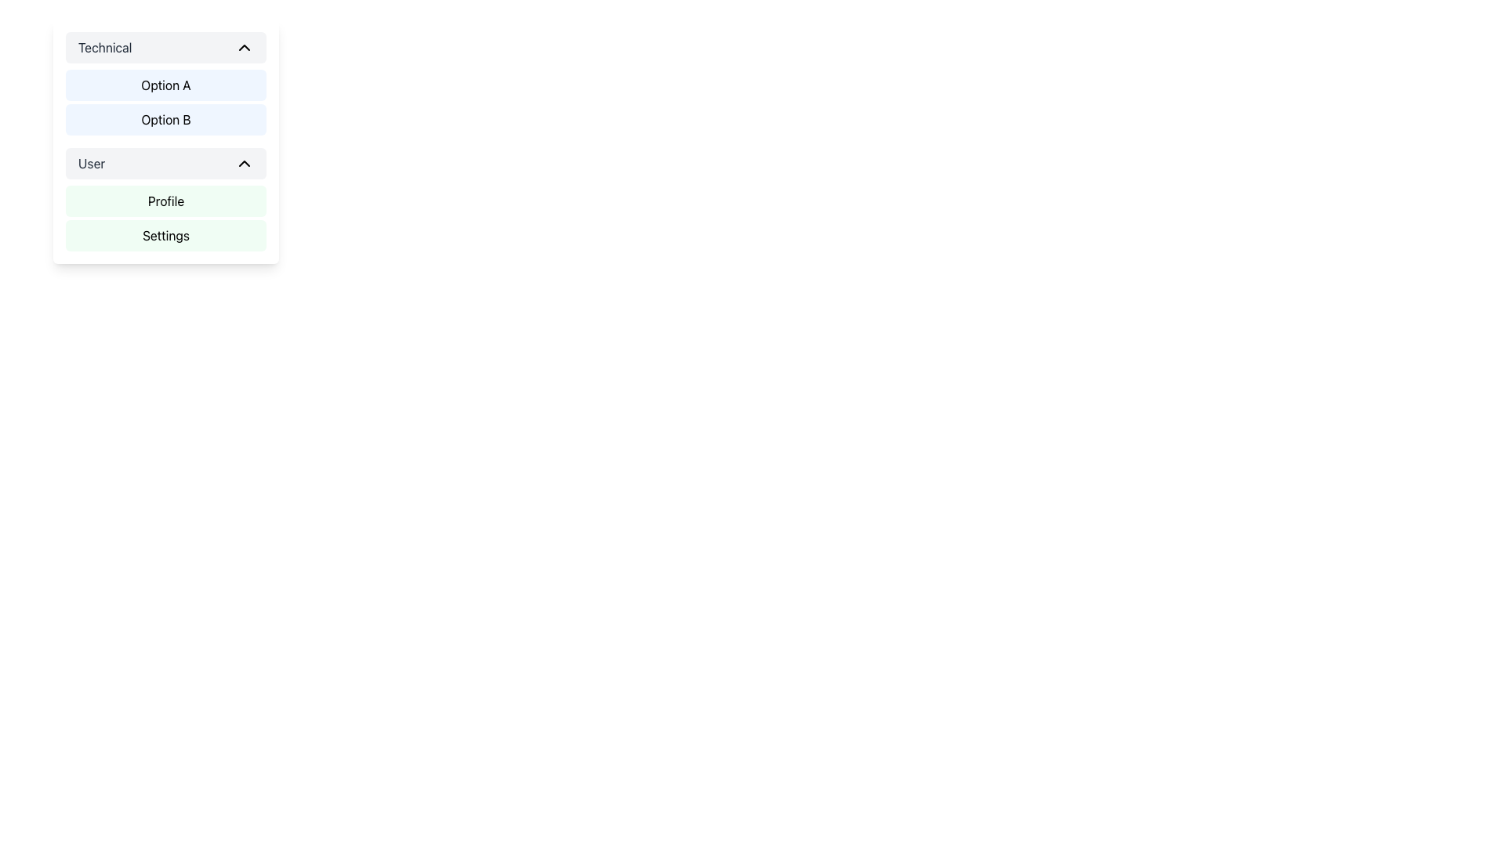  What do you see at coordinates (165, 201) in the screenshot?
I see `the 'Profile' button with a light green background located in the 'User' section` at bounding box center [165, 201].